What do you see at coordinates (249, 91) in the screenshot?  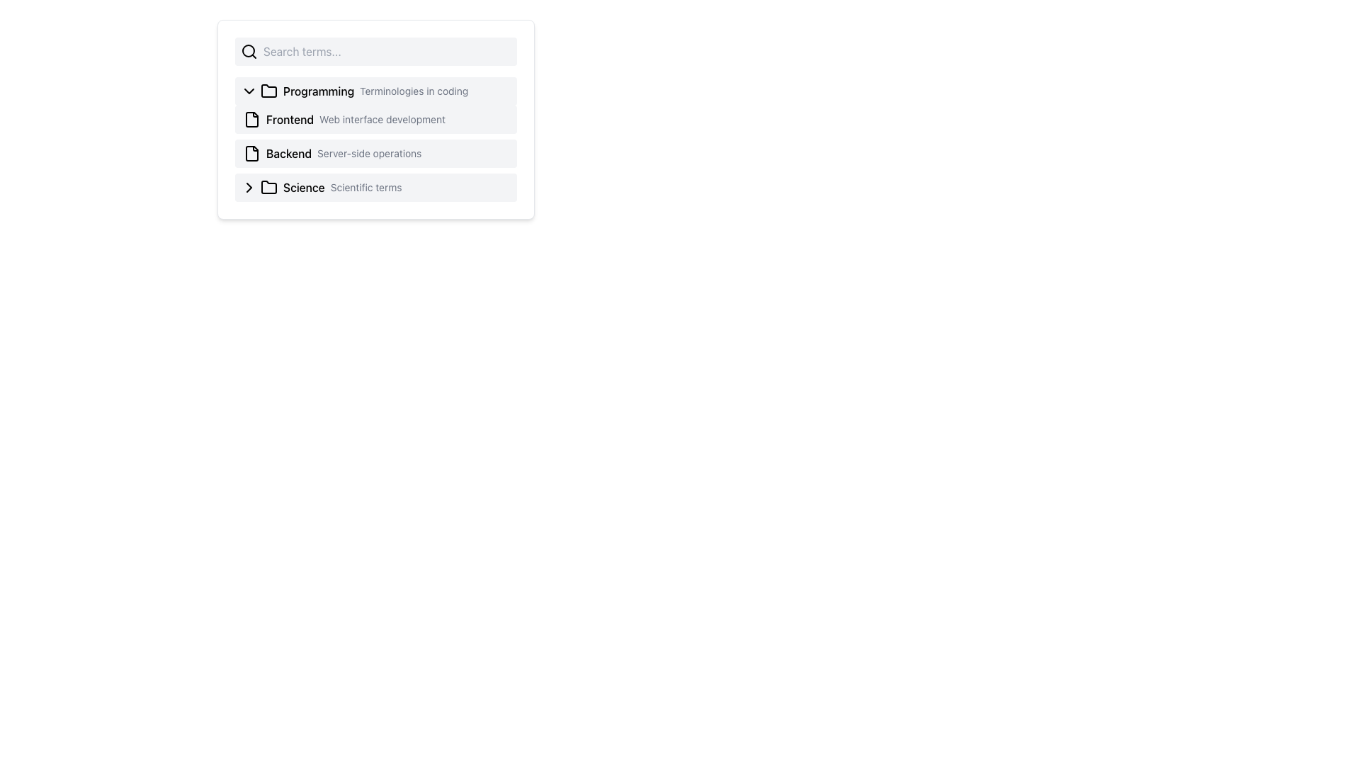 I see `the chevron icon indicating the collapsible section for 'Programming Terminologies in coding', located to the left of the text 'Programming'` at bounding box center [249, 91].